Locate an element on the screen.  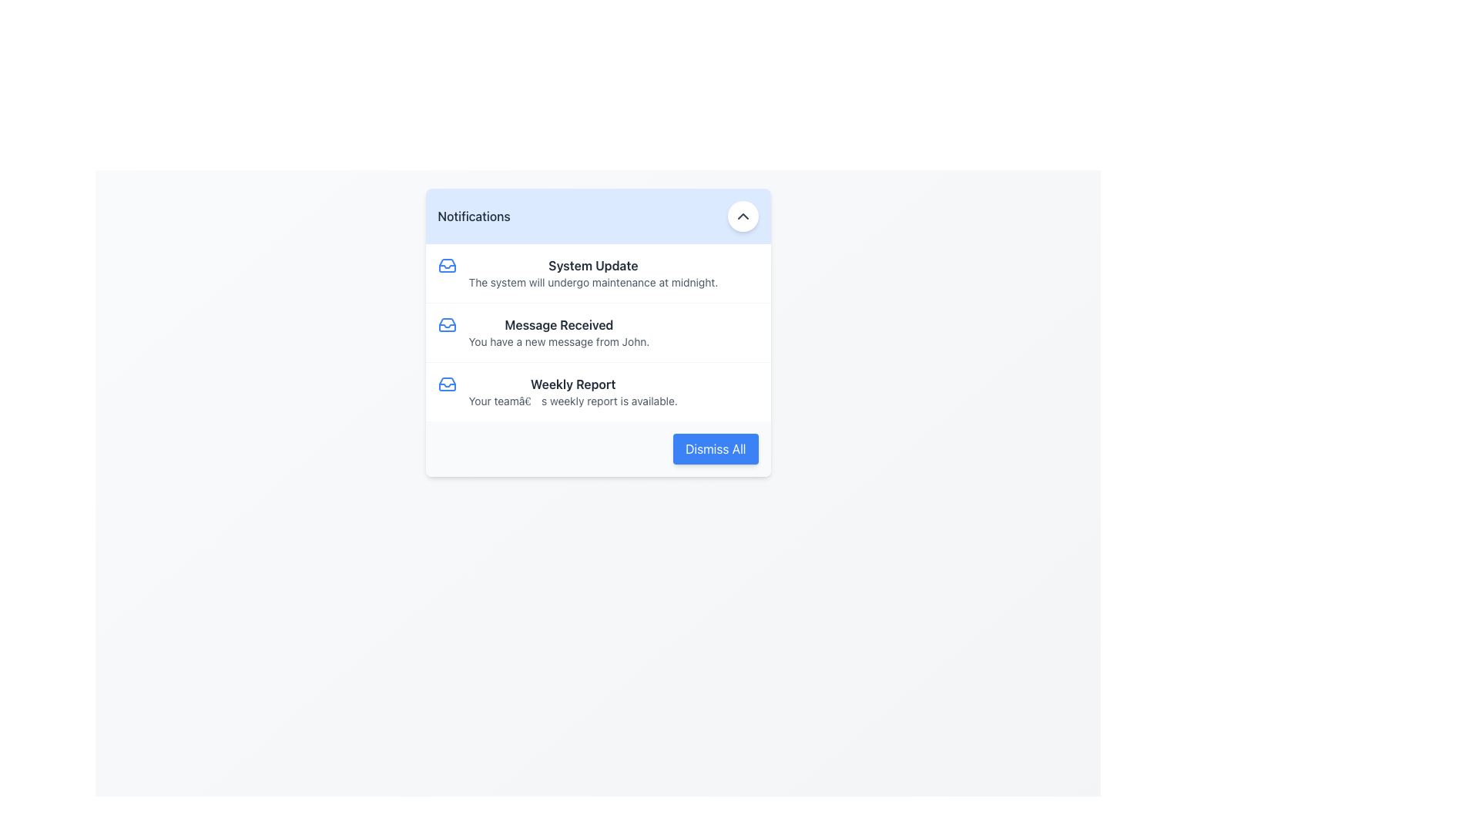
the 'System Update' notification icon that visually indicates a system-related update, positioned to the left side of the first notification item in the dropdown panel is located at coordinates (446, 264).